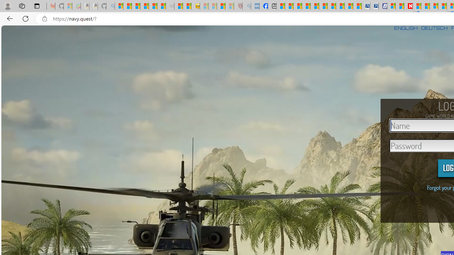  I want to click on 'Stocks - MSN', so click(161, 6).